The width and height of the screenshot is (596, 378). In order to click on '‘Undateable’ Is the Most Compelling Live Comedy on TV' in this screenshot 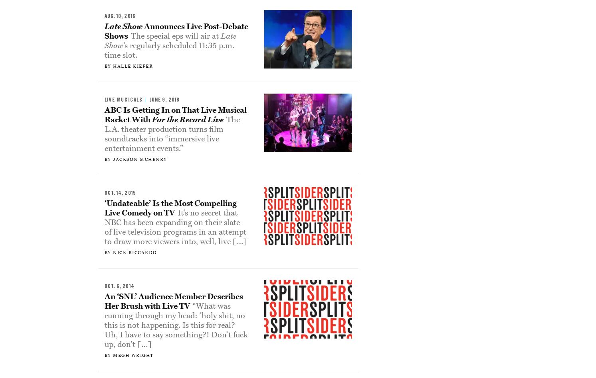, I will do `click(170, 208)`.